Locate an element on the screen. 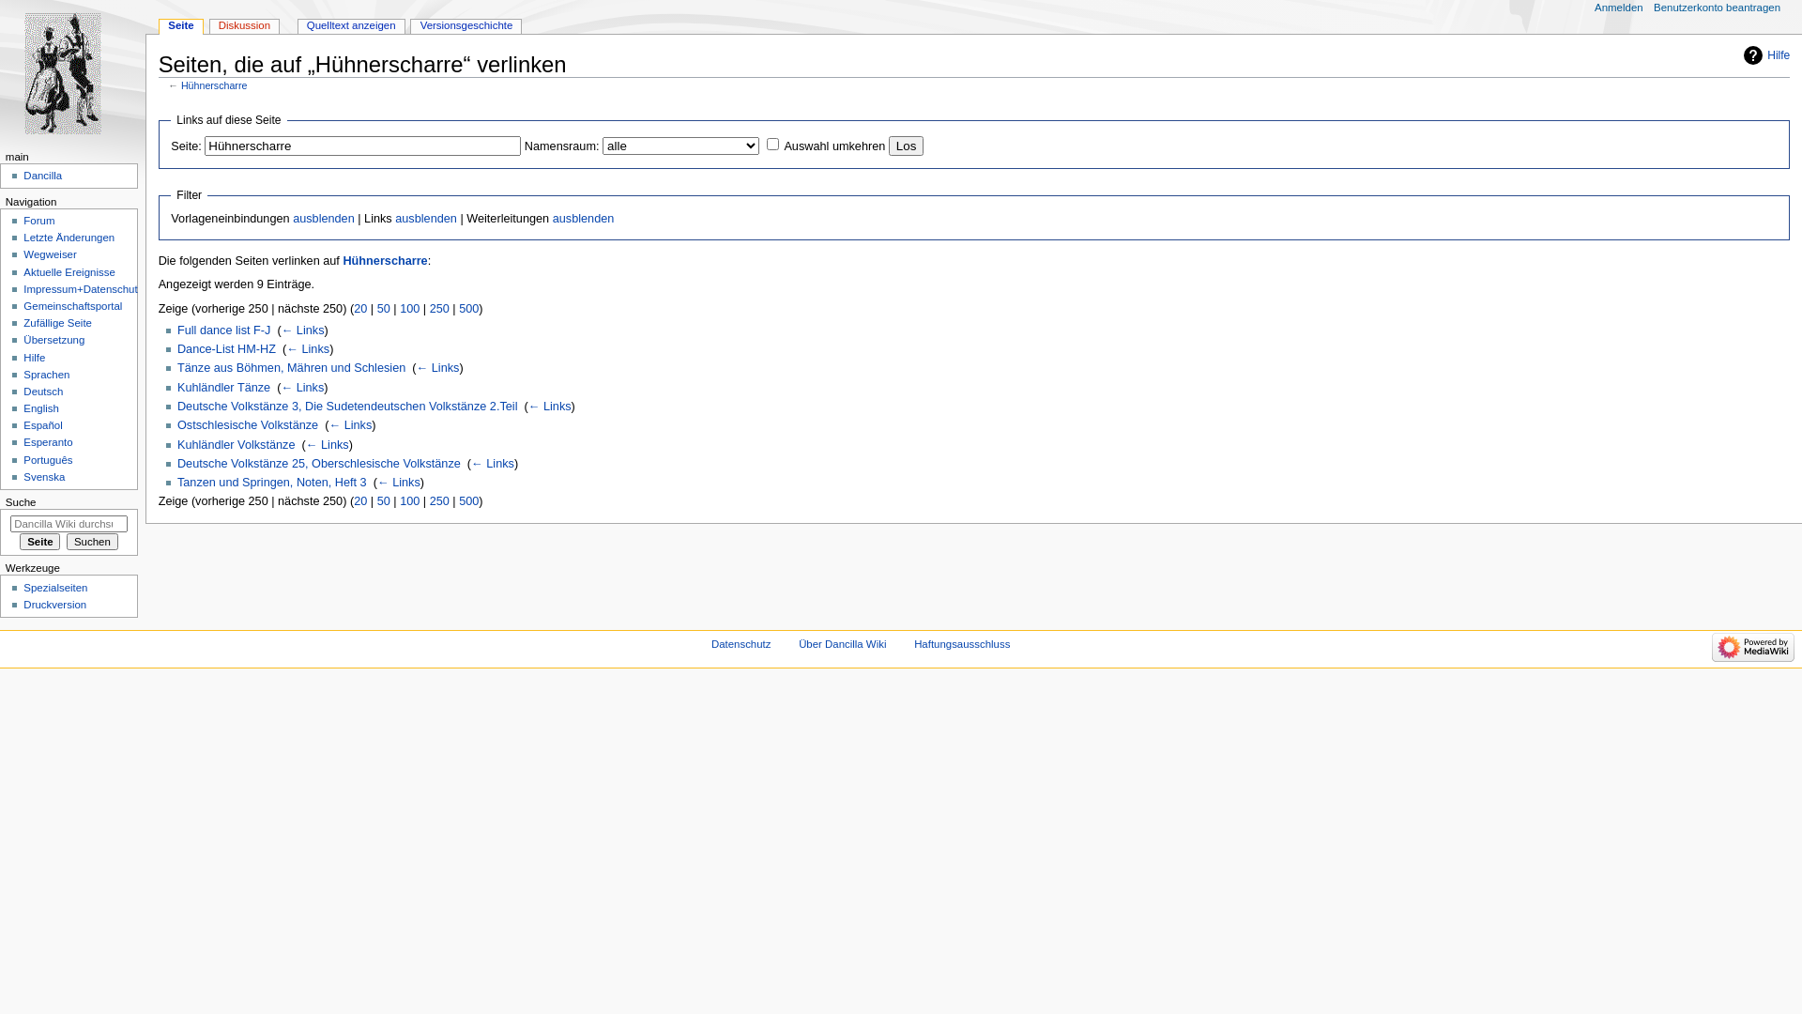 This screenshot has height=1014, width=1802. '500' is located at coordinates (468, 307).